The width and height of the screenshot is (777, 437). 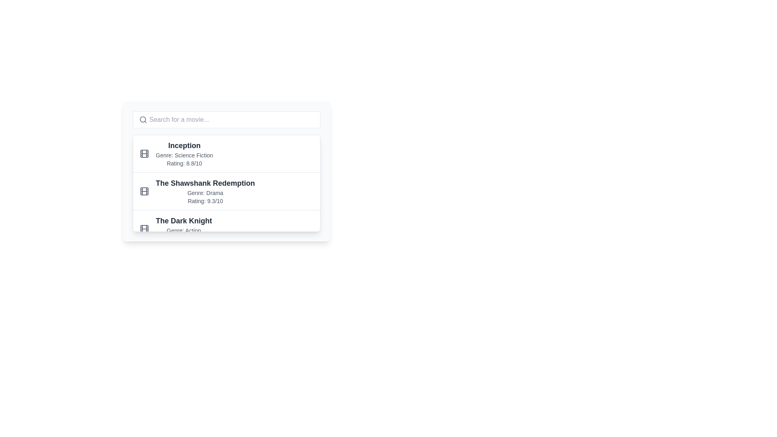 I want to click on the first list item entry representing the movie 'Inception' in the dropdown menu, so click(x=227, y=154).